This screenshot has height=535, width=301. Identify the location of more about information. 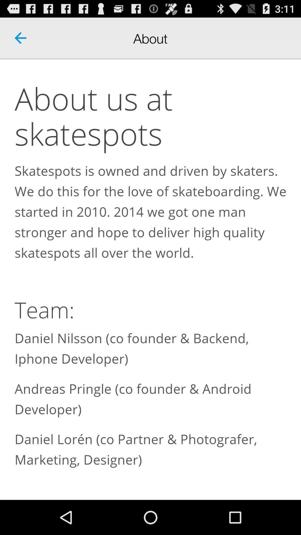
(151, 279).